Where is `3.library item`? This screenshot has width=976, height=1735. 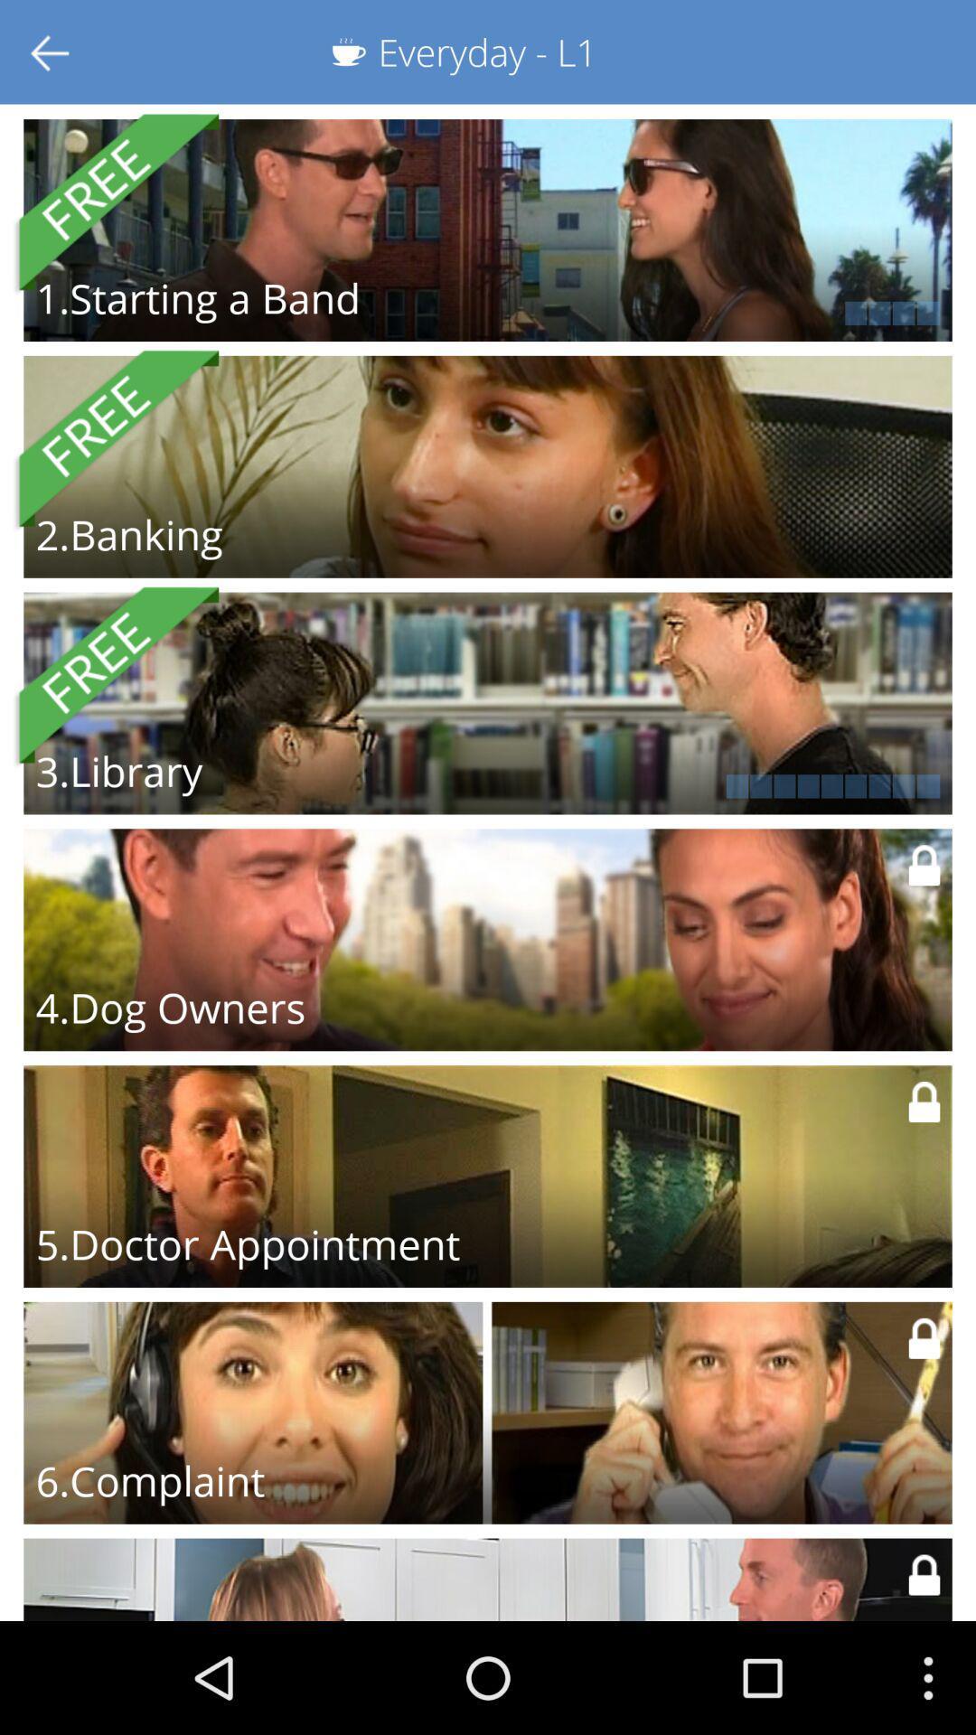
3.library item is located at coordinates (118, 771).